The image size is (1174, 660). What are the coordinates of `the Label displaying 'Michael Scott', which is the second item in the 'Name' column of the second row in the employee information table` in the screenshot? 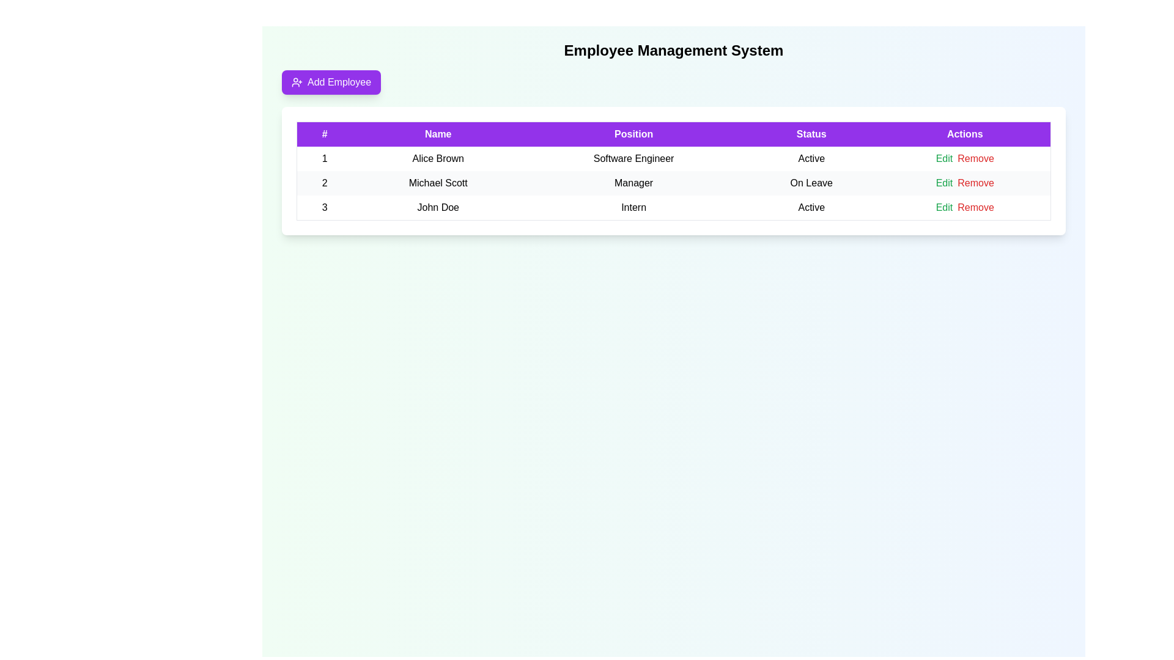 It's located at (438, 183).